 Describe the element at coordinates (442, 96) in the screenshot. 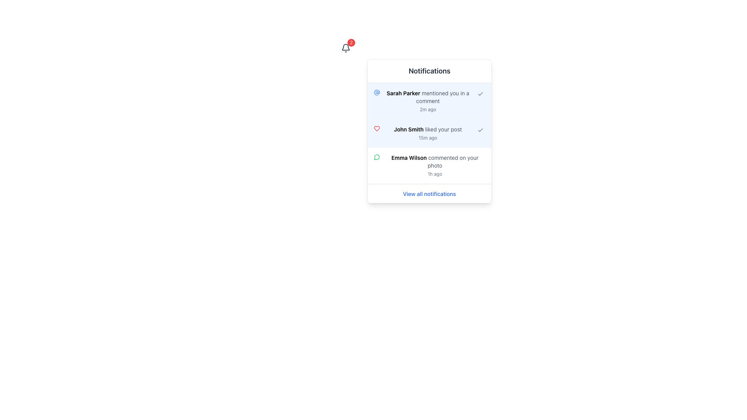

I see `the text label providing context about 'Sarah Parker's' action in the notification section for additional options` at that location.